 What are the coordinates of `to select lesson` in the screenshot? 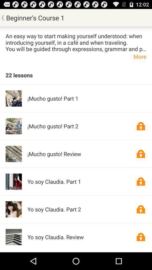 It's located at (140, 181).